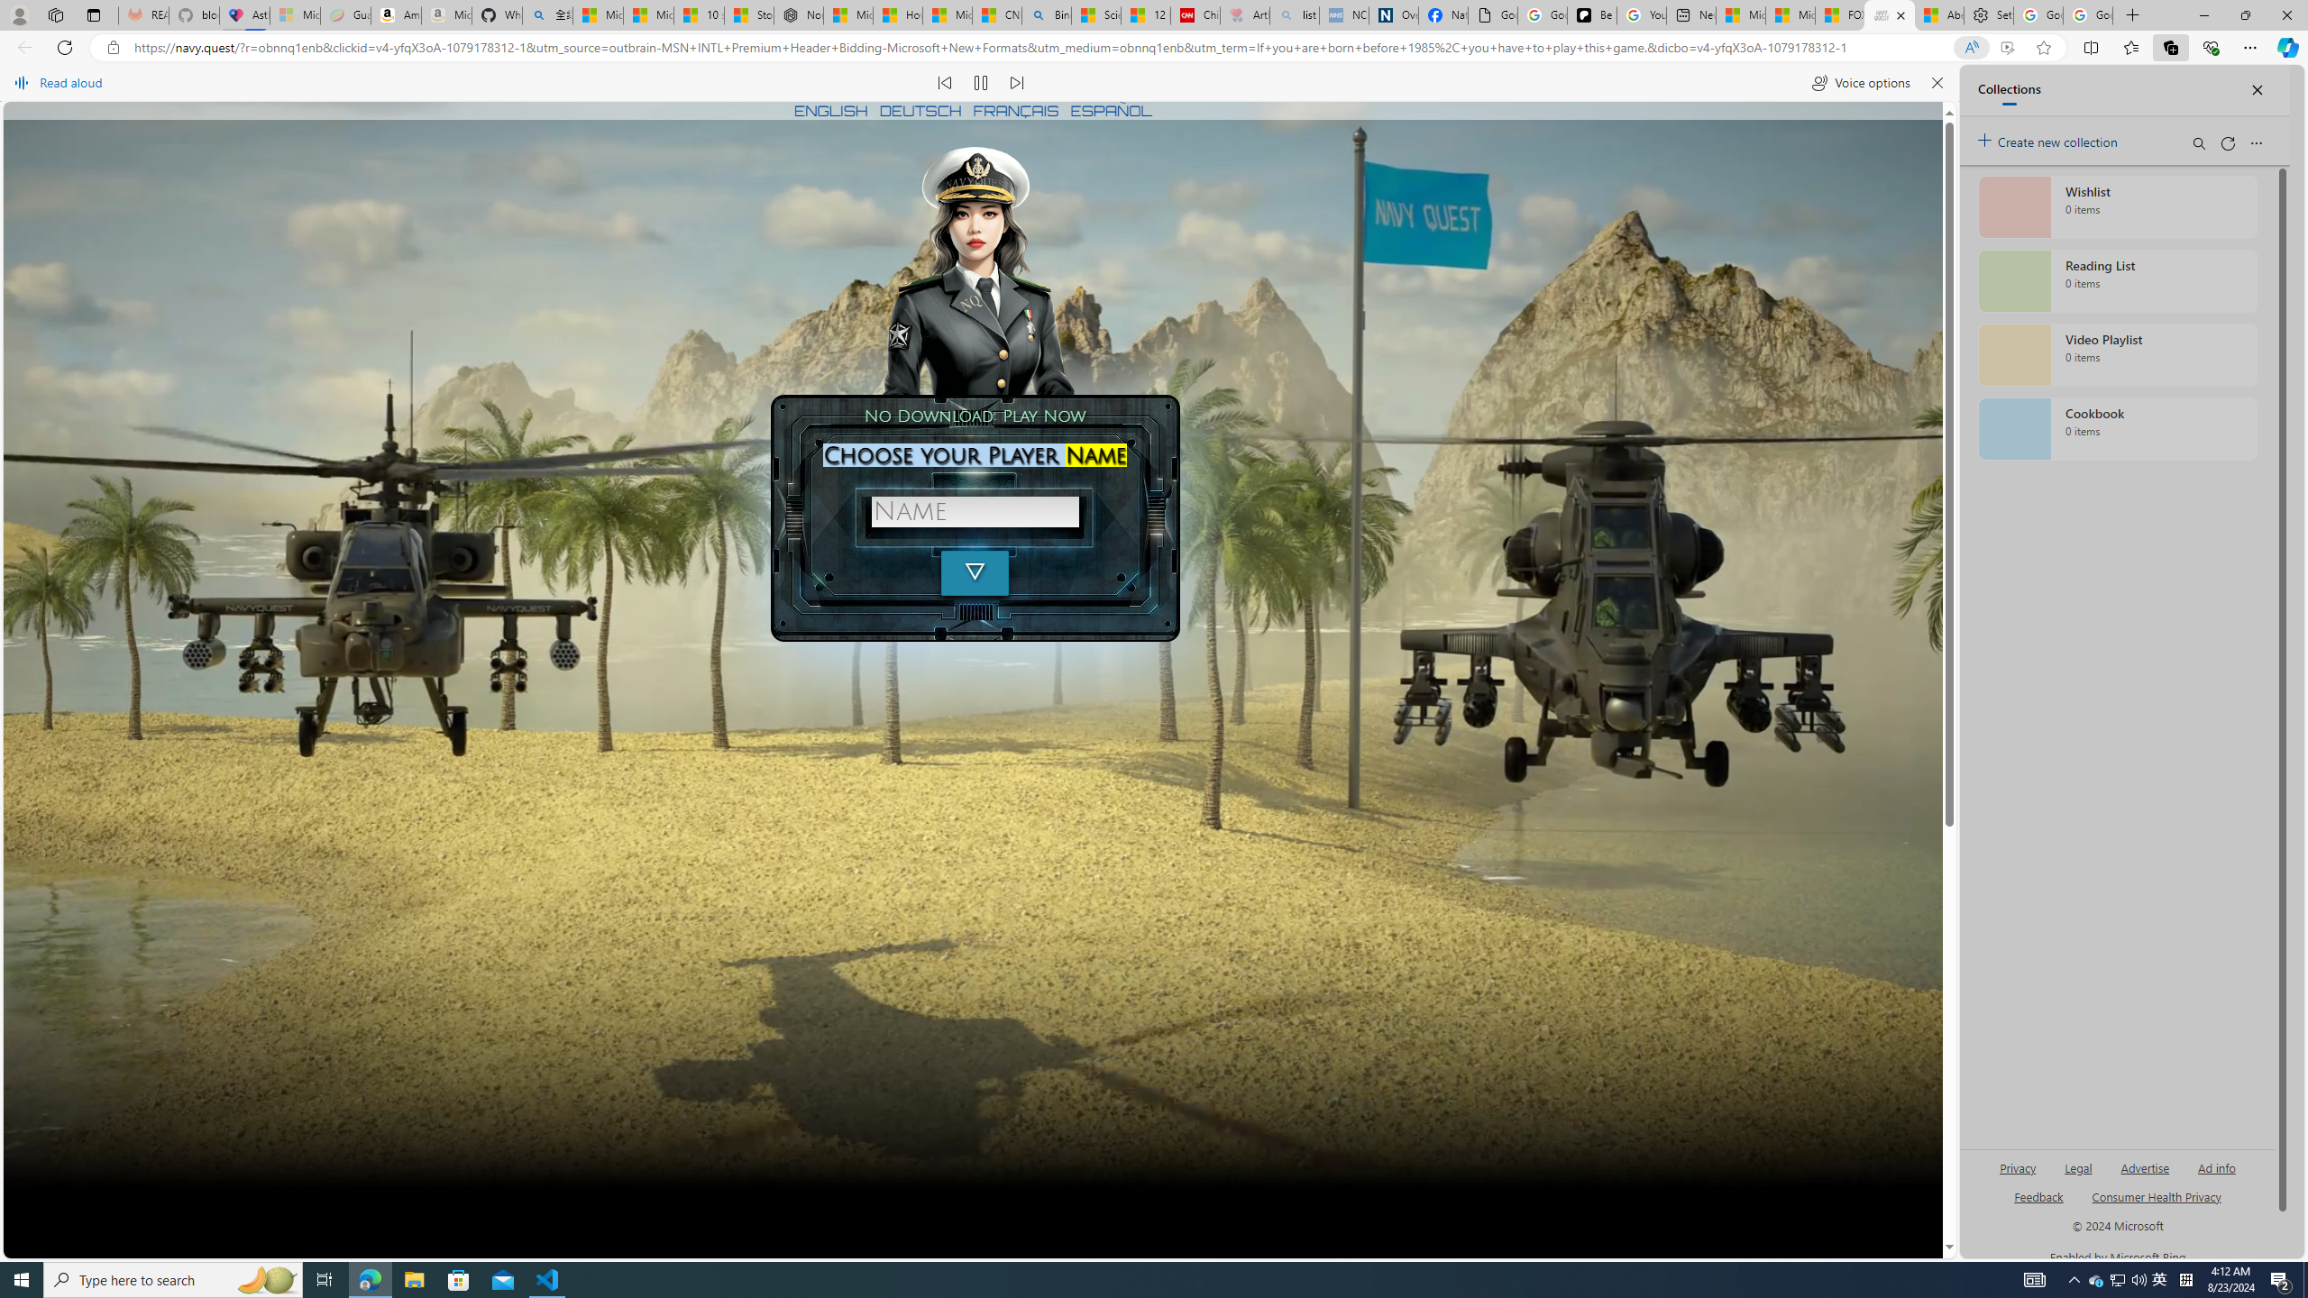 This screenshot has width=2308, height=1298. Describe the element at coordinates (1146, 14) in the screenshot. I see `'12 Popular Science Lies that Must be Corrected'` at that location.